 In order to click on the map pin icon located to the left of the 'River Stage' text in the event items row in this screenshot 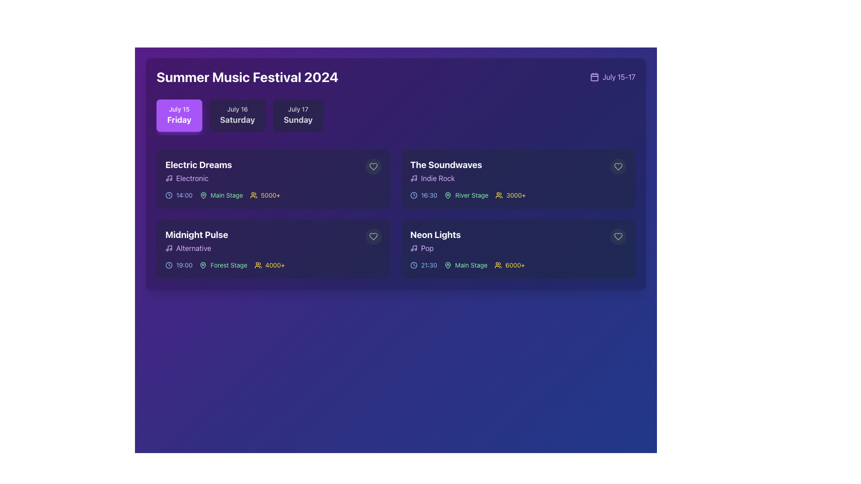, I will do `click(448, 194)`.